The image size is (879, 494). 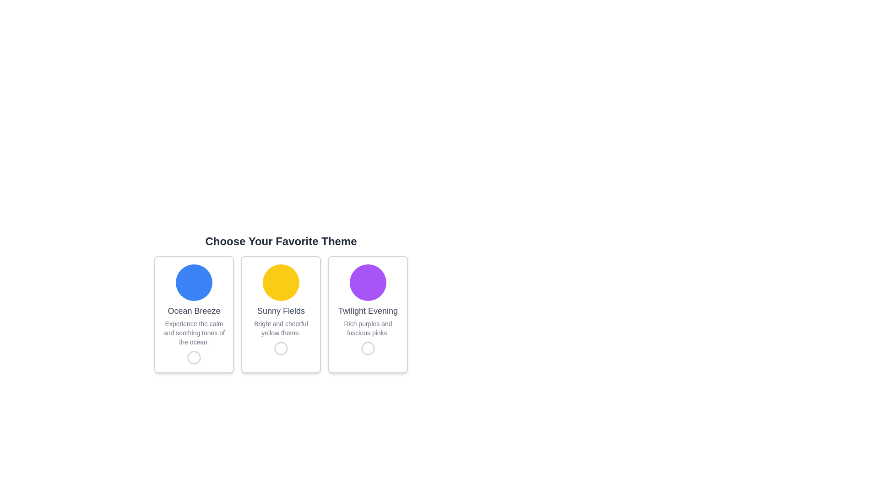 What do you see at coordinates (281, 321) in the screenshot?
I see `the Text Block containing the header 'Sunny Fields' and the description 'Bright and cheerful yellow theme.' positioned in the center of the second card in a three-card layout` at bounding box center [281, 321].